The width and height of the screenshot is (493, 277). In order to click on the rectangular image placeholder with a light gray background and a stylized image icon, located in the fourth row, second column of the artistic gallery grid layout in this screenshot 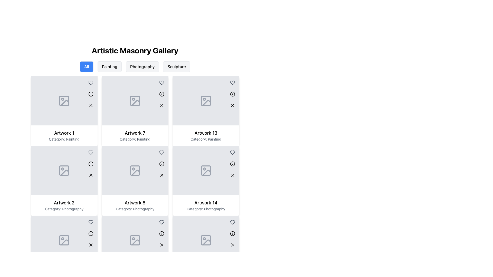, I will do `click(206, 170)`.